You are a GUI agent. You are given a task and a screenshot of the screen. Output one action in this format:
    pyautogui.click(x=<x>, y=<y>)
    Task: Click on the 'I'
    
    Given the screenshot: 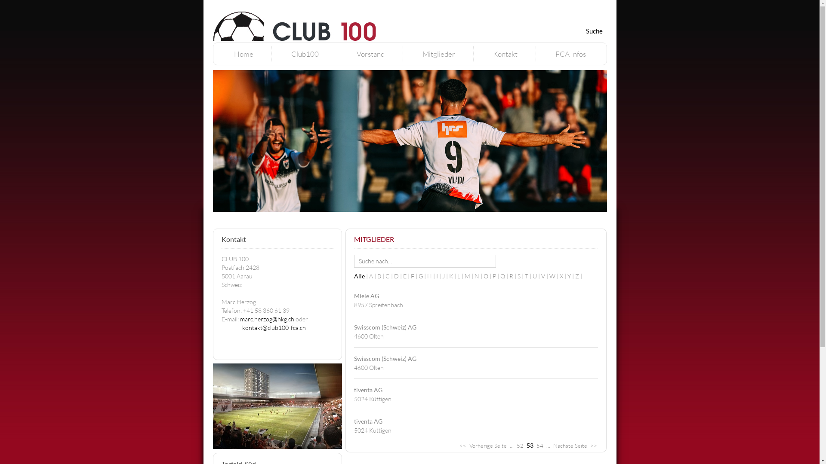 What is the action you would take?
    pyautogui.click(x=439, y=276)
    